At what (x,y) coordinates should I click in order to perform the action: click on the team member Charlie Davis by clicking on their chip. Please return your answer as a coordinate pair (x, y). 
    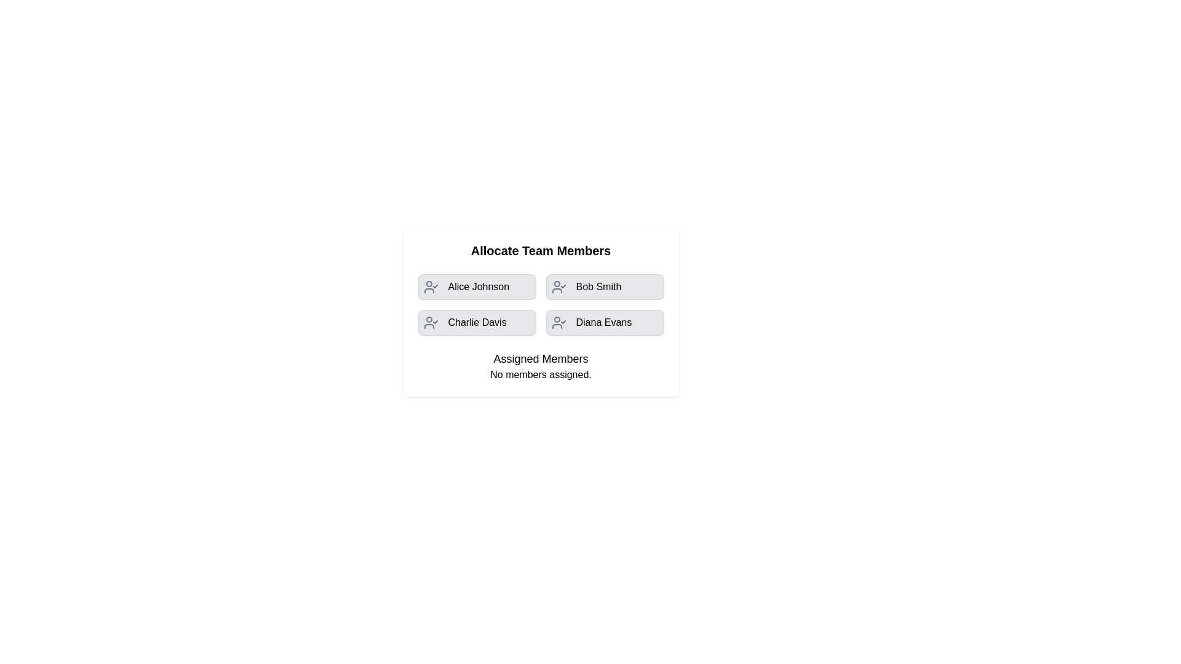
    Looking at the image, I should click on (476, 322).